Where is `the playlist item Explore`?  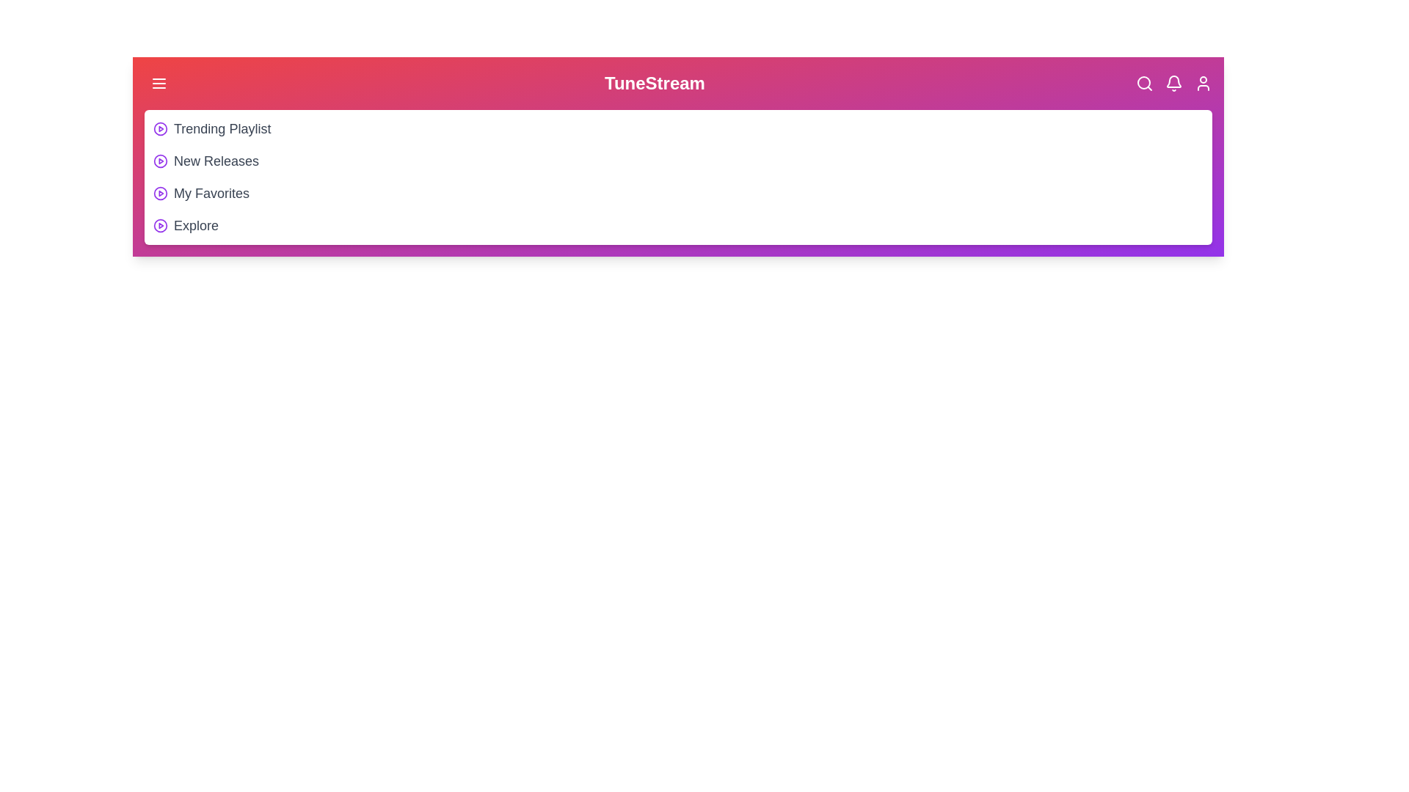
the playlist item Explore is located at coordinates (195, 226).